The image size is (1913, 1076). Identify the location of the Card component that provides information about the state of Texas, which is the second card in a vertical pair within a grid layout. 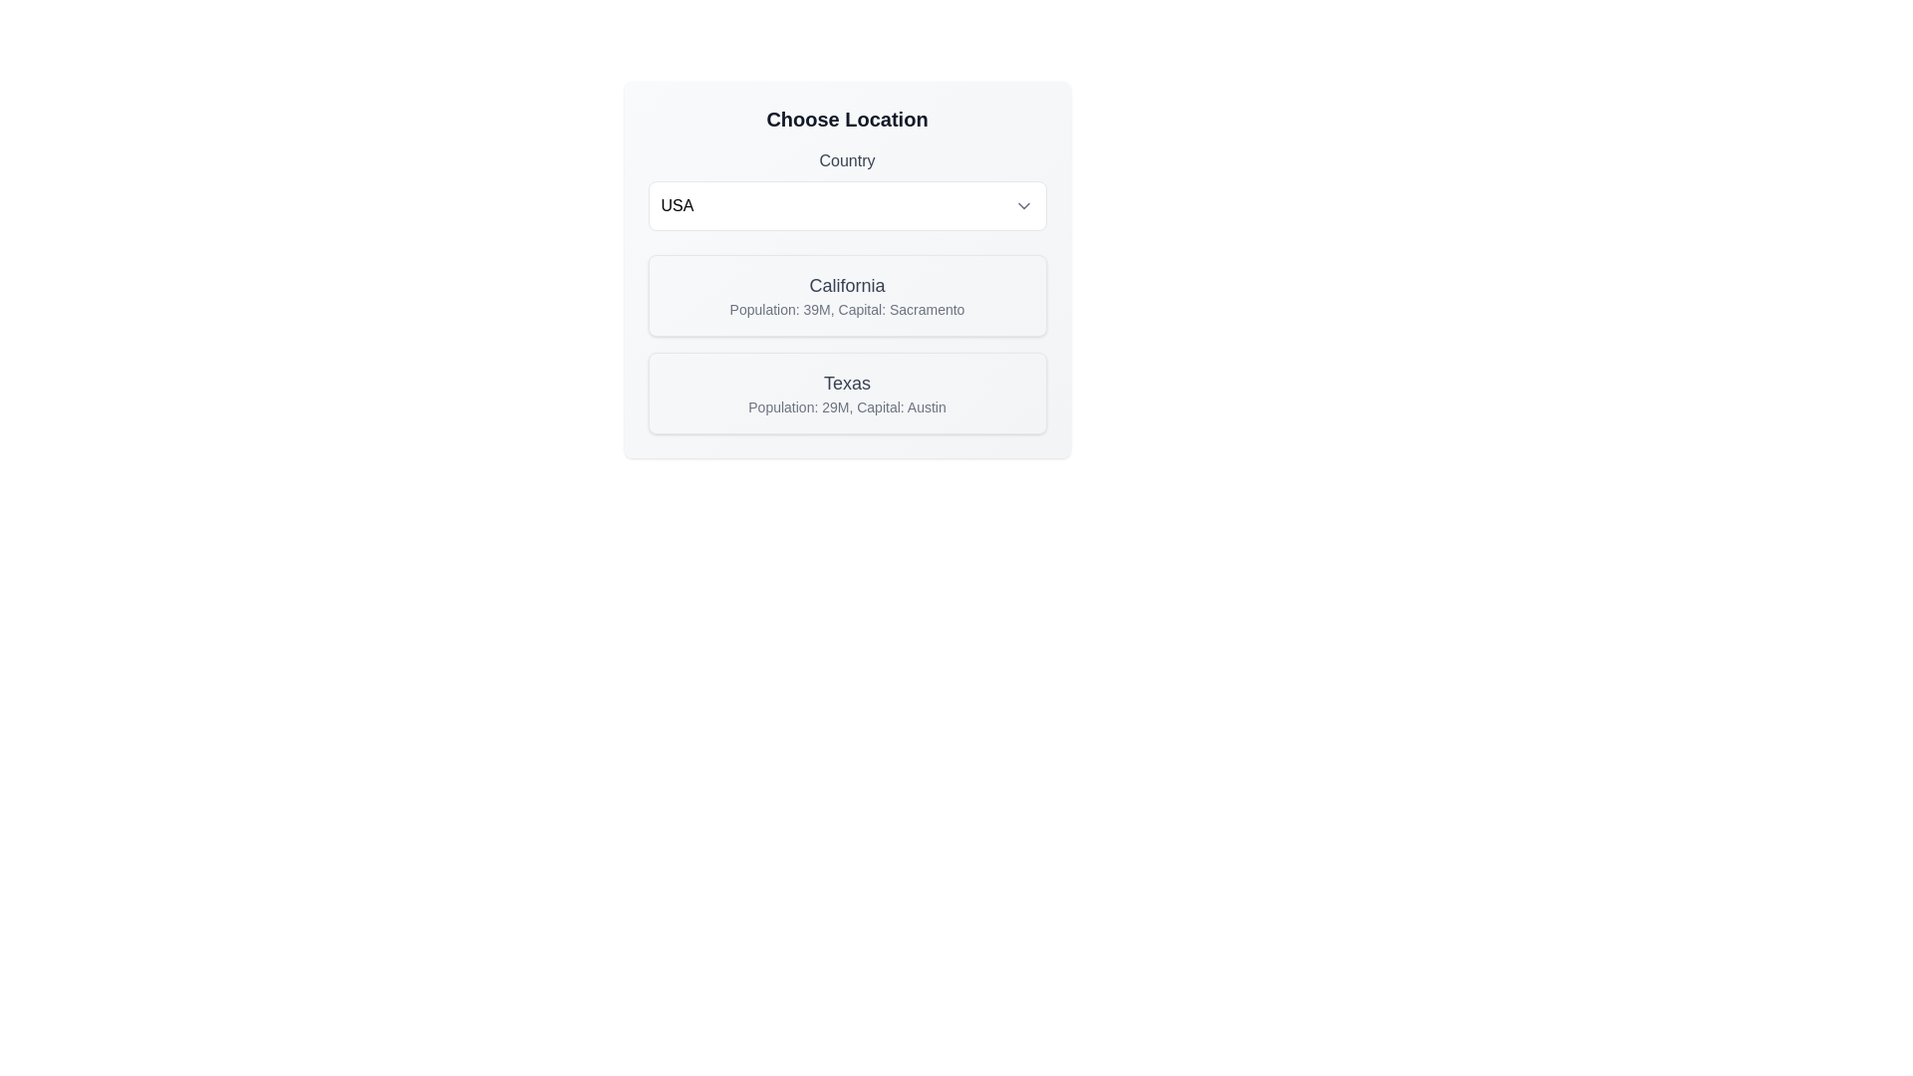
(847, 393).